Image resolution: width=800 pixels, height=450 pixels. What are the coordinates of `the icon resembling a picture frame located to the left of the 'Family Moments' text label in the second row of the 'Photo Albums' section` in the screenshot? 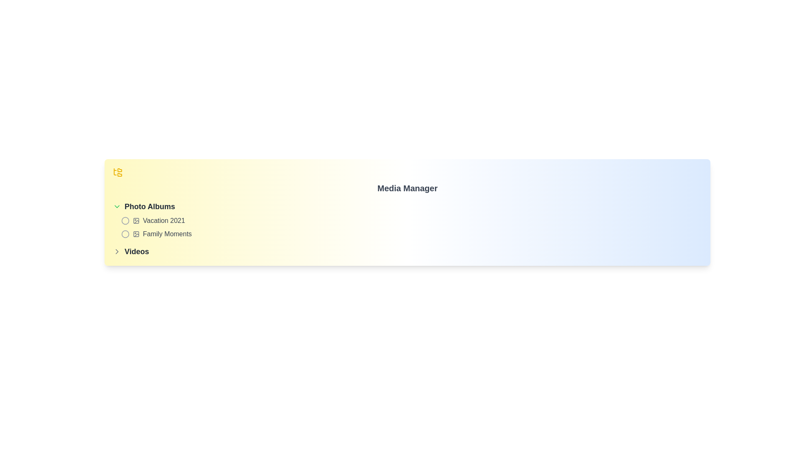 It's located at (136, 234).